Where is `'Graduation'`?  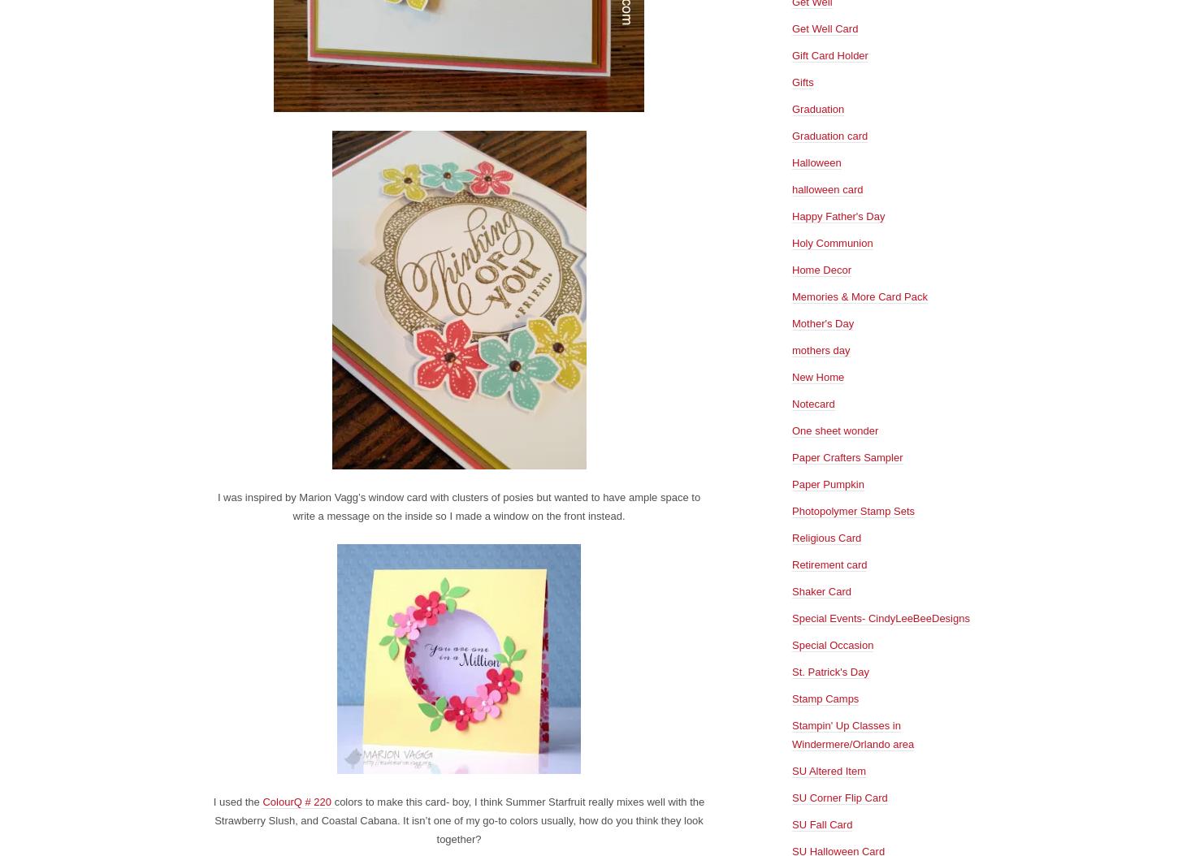 'Graduation' is located at coordinates (818, 108).